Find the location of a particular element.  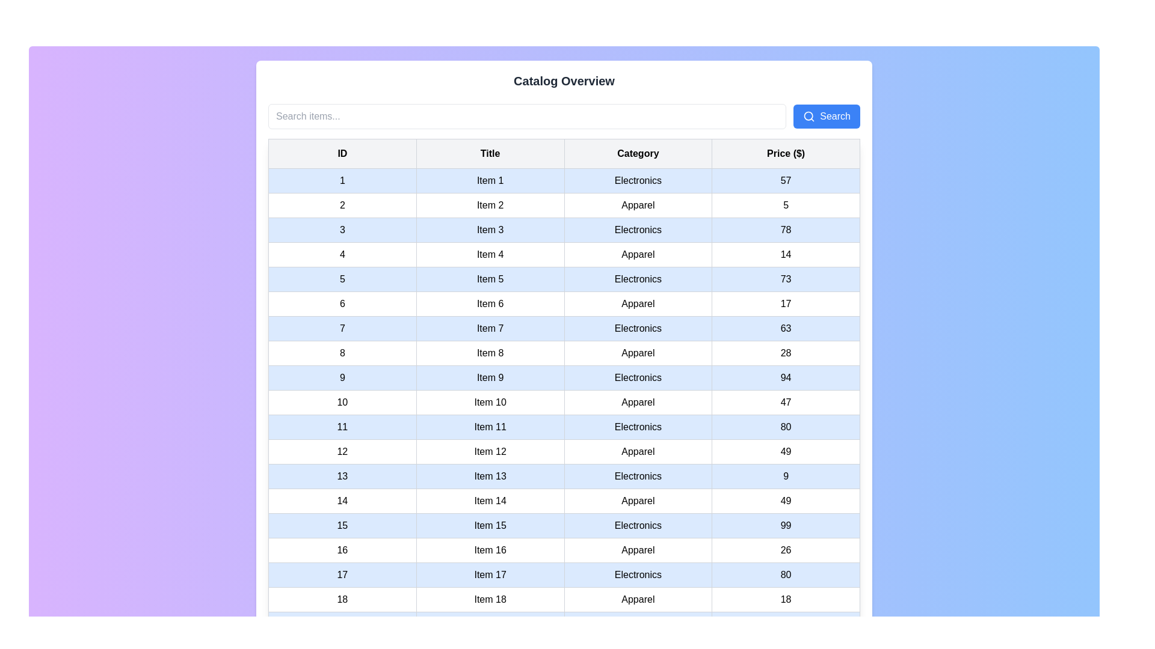

contents of the textual cell labeled 'Item 9' in the data table, which is the second cell in the row with ID '9' within the 'Title' column is located at coordinates (490, 377).